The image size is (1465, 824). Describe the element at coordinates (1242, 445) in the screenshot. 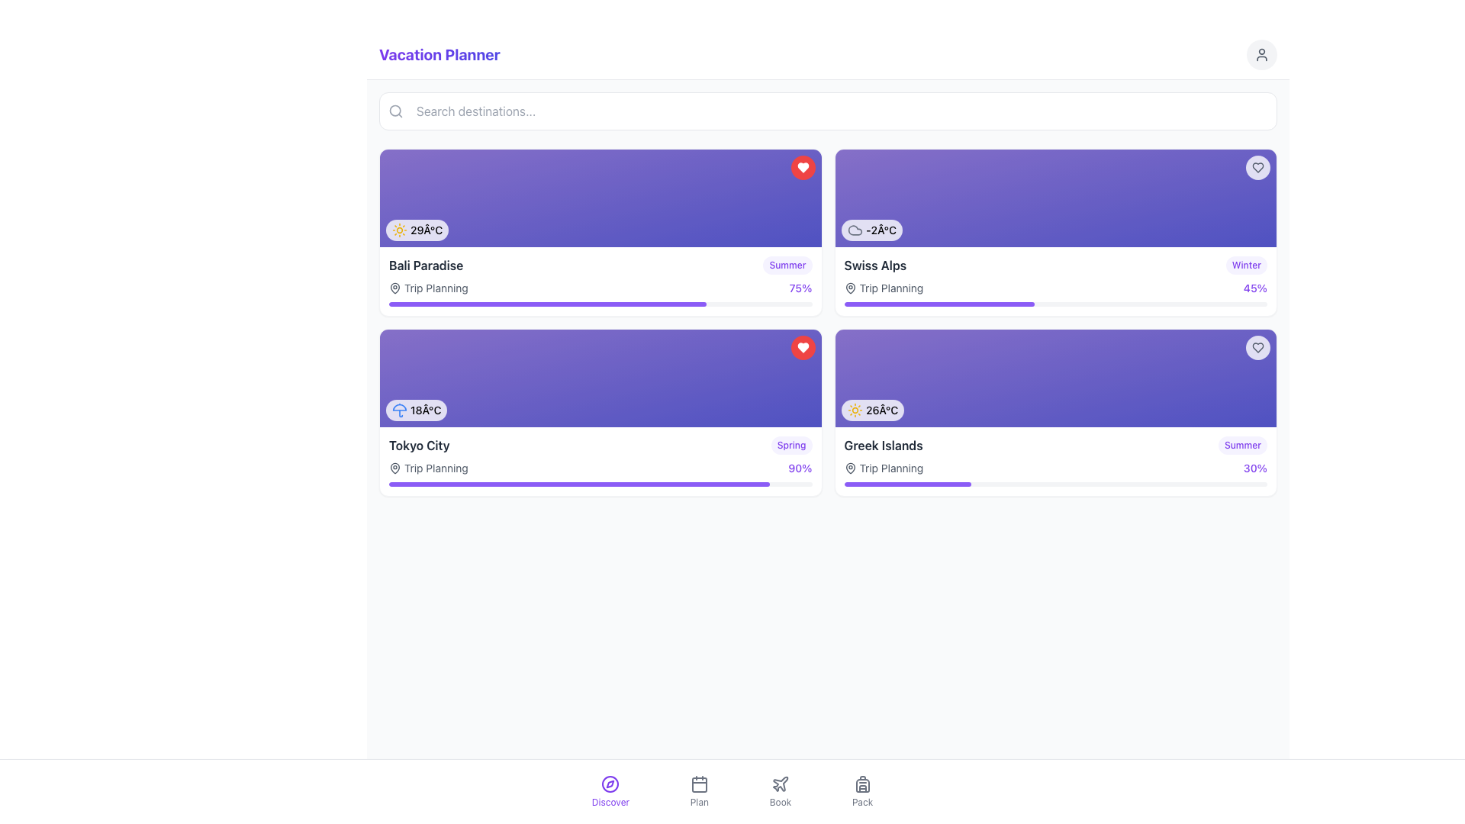

I see `textual information from the label positioned in the top-right corner of the 'Greek Islands' card, which indicates the season or category associated with the card's content` at that location.